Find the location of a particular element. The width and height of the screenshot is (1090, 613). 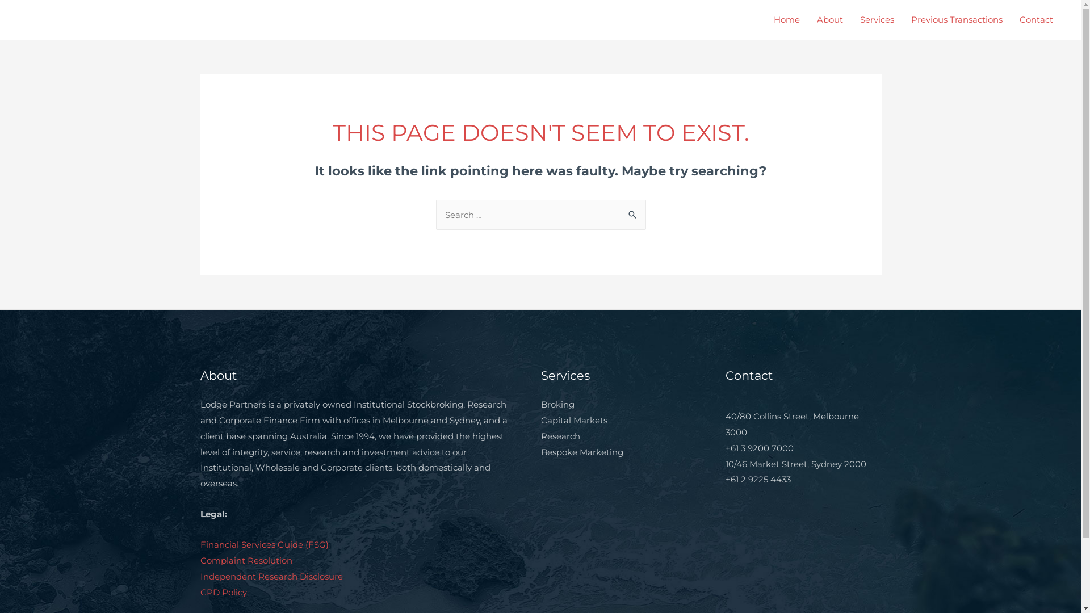

'+61 3 9200 7000' is located at coordinates (760, 447).